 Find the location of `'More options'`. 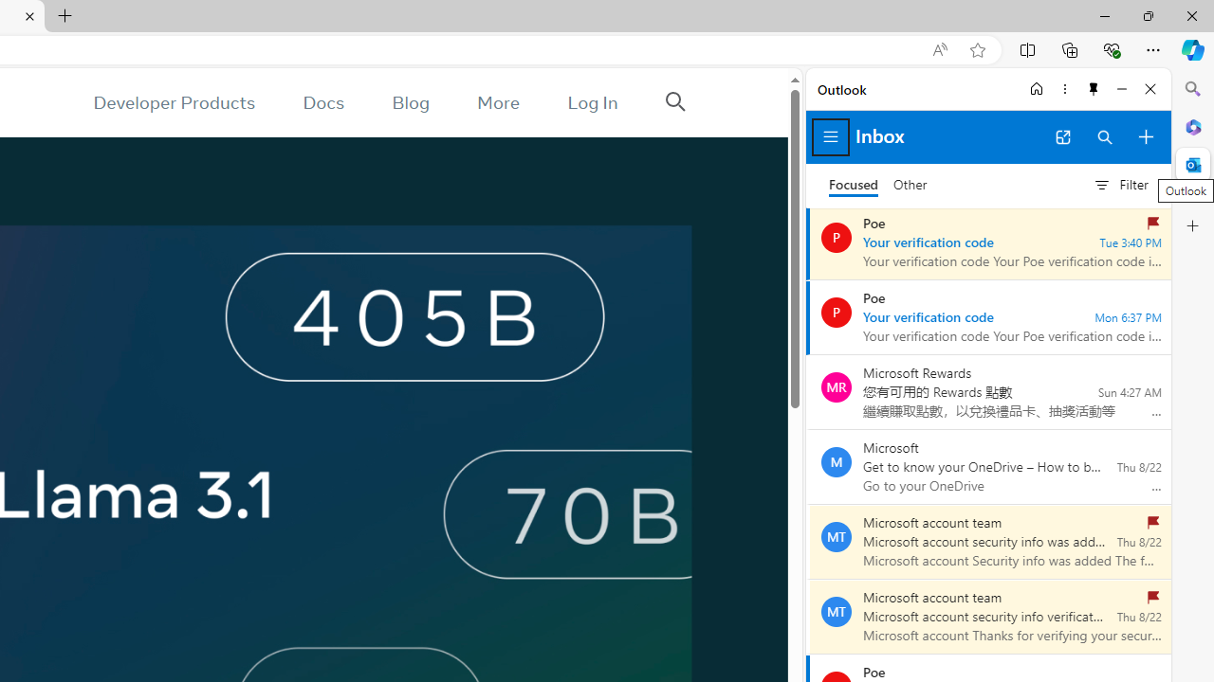

'More options' is located at coordinates (1064, 88).